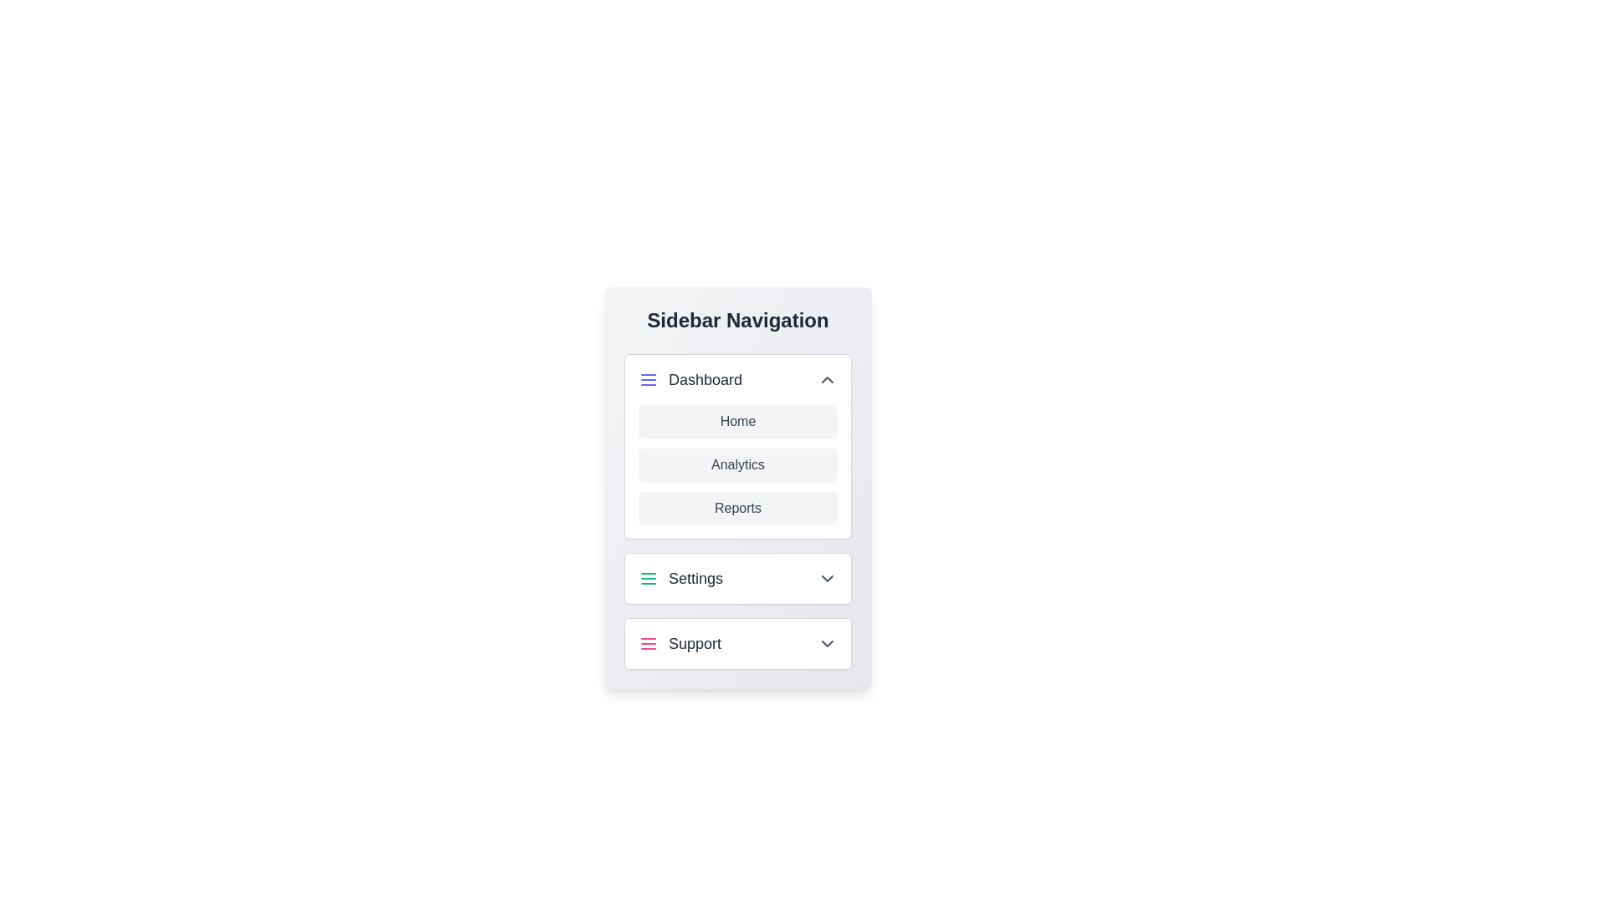 The height and width of the screenshot is (902, 1605). Describe the element at coordinates (827, 380) in the screenshot. I see `the chevron icon located at the far right of the 'Dashboard' entry in the sidebar navigation` at that location.